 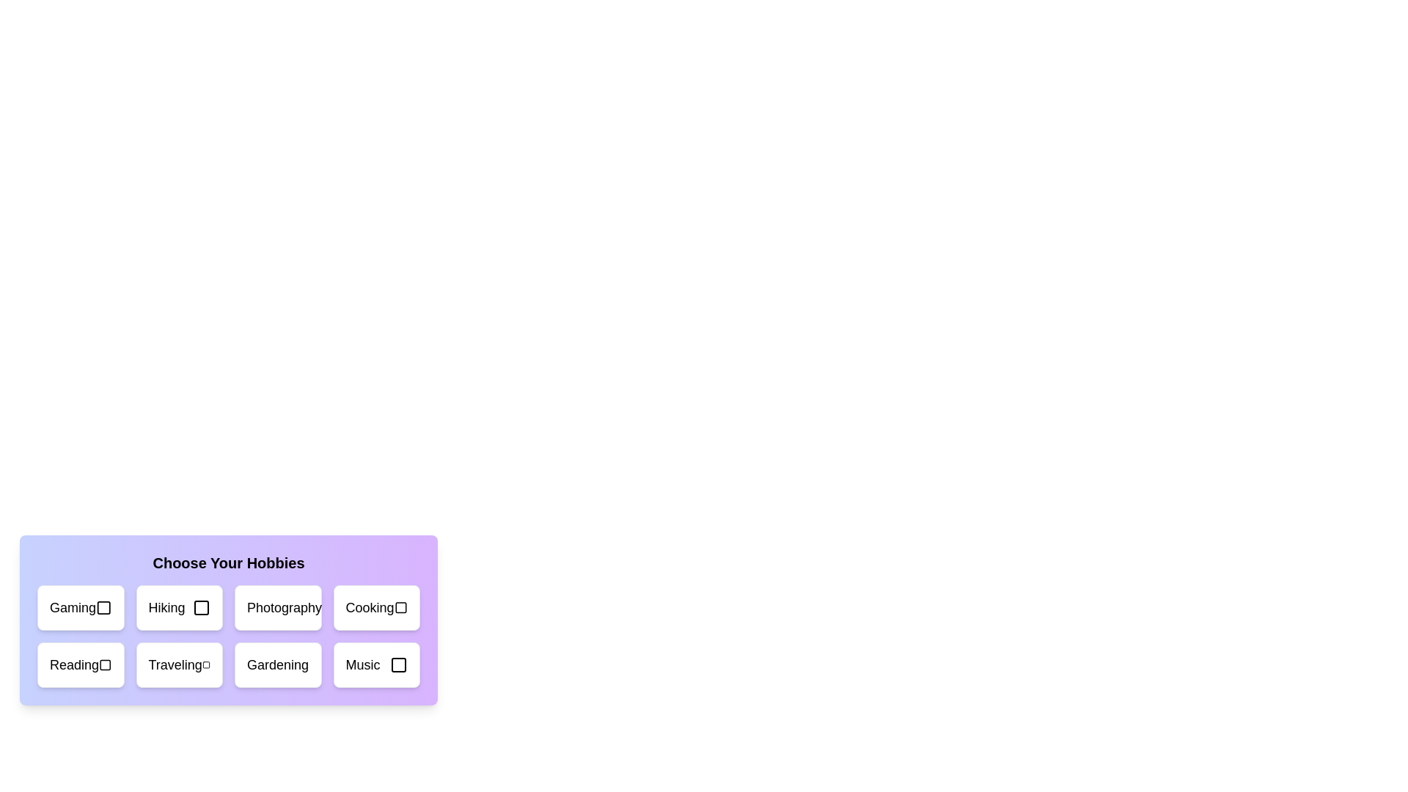 What do you see at coordinates (376, 608) in the screenshot?
I see `the hobby card labeled 'Cooking'` at bounding box center [376, 608].